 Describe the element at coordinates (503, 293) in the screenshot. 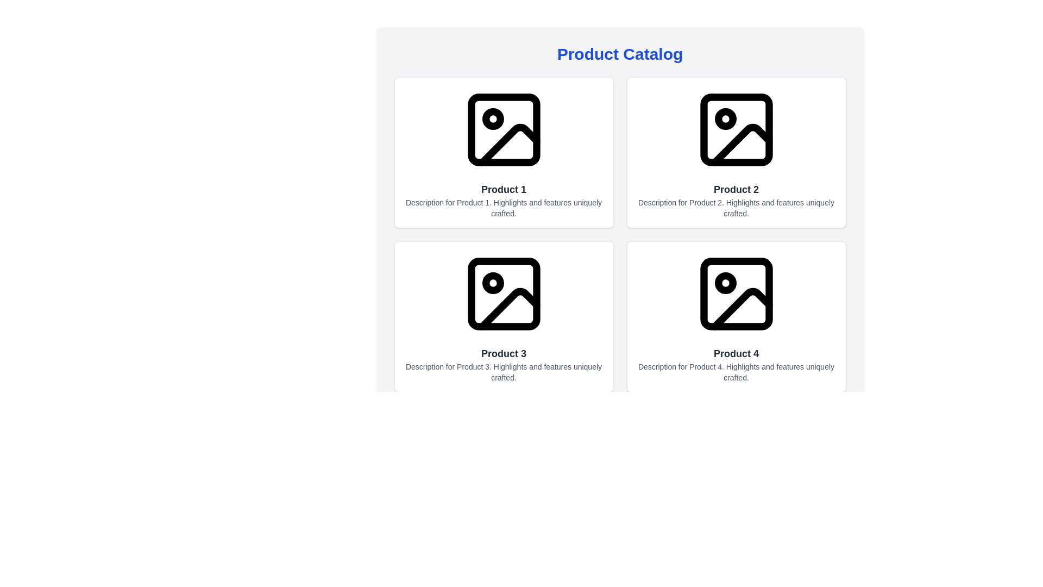

I see `the icon representing the image for 'Product 3', which is positioned above the description text` at that location.